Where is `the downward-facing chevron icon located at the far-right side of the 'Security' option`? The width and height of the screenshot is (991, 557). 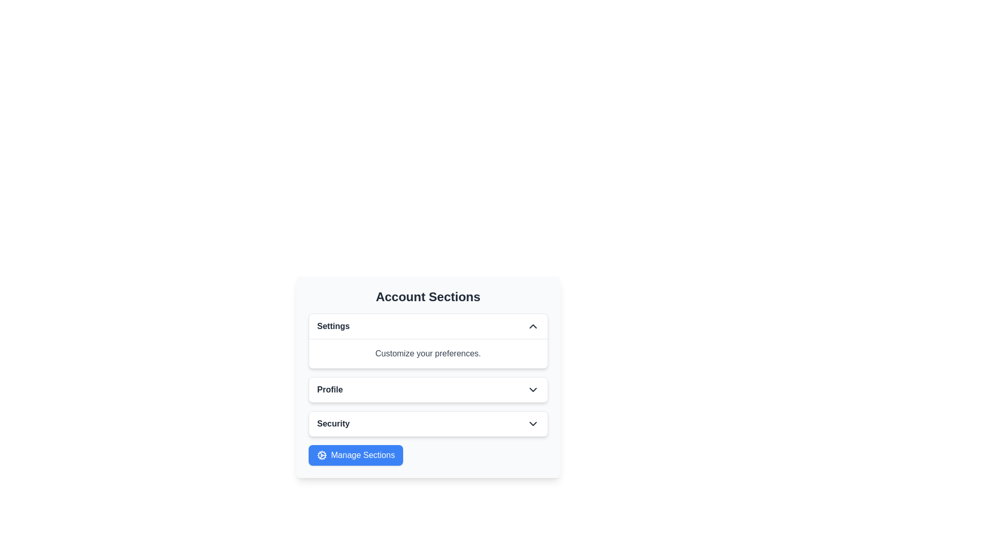
the downward-facing chevron icon located at the far-right side of the 'Security' option is located at coordinates (533, 423).